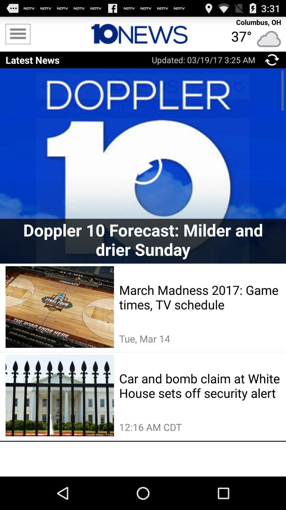  I want to click on the refresh icon, so click(272, 64).